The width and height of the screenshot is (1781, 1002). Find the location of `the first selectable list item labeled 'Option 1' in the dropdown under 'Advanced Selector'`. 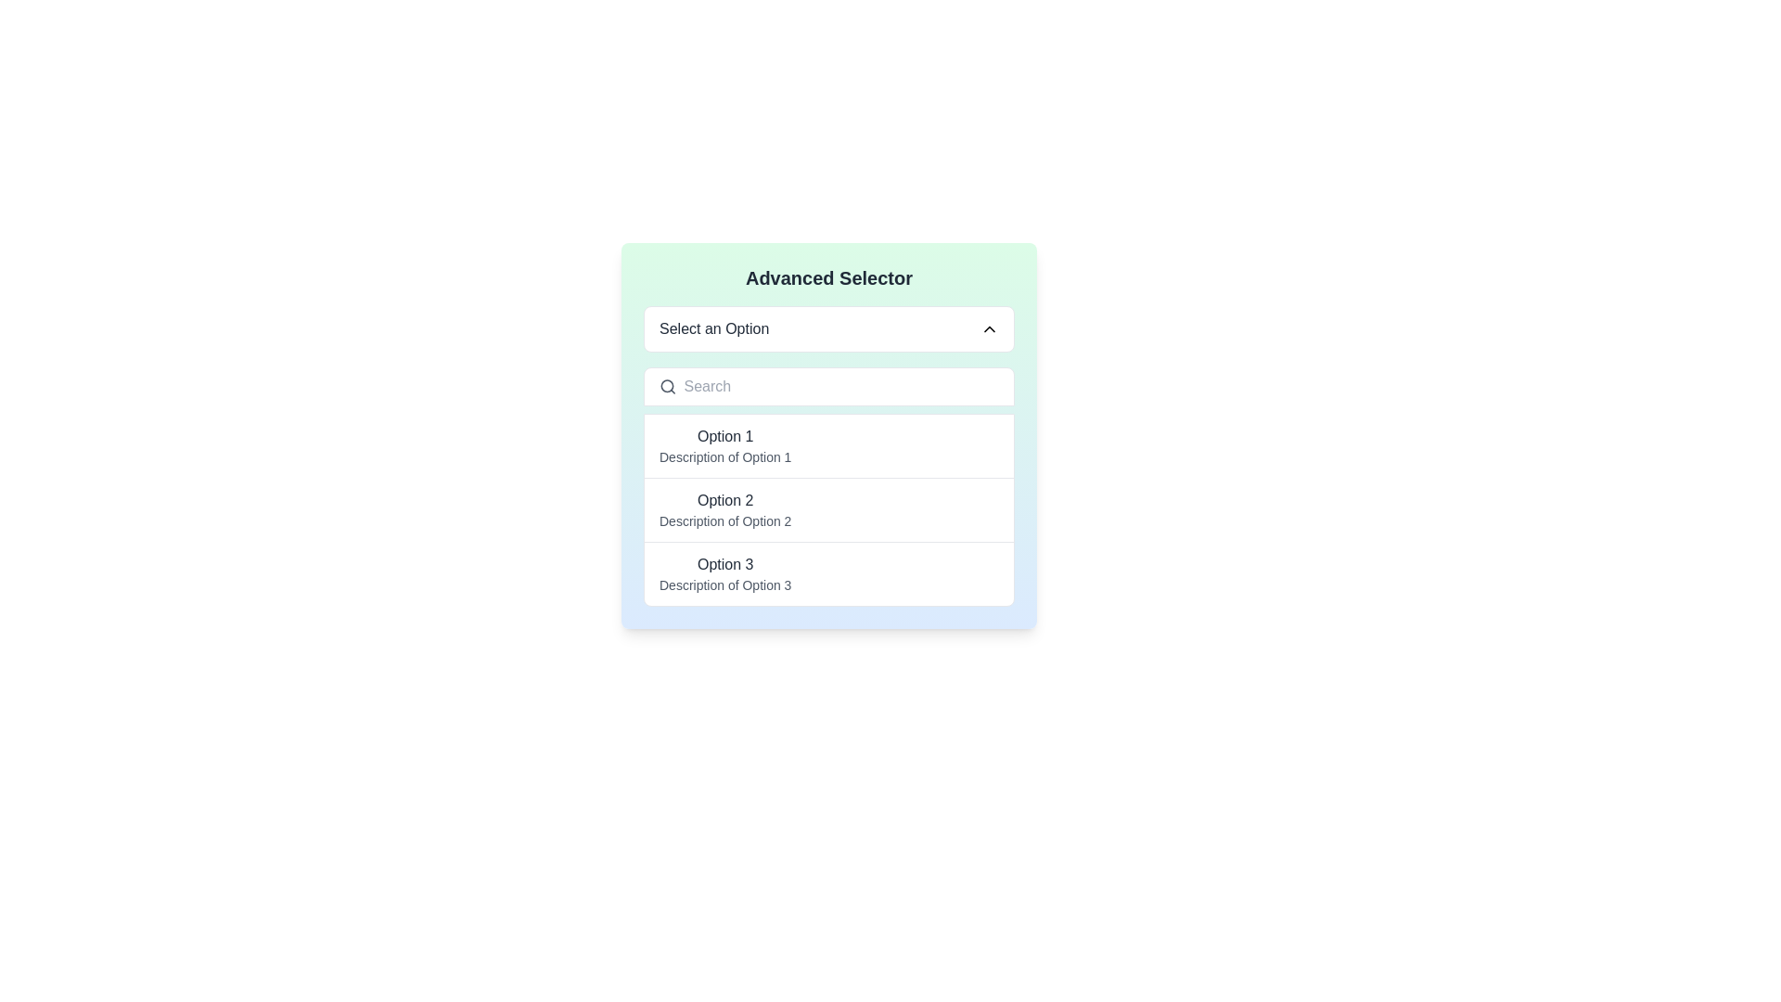

the first selectable list item labeled 'Option 1' in the dropdown under 'Advanced Selector' is located at coordinates (724, 446).